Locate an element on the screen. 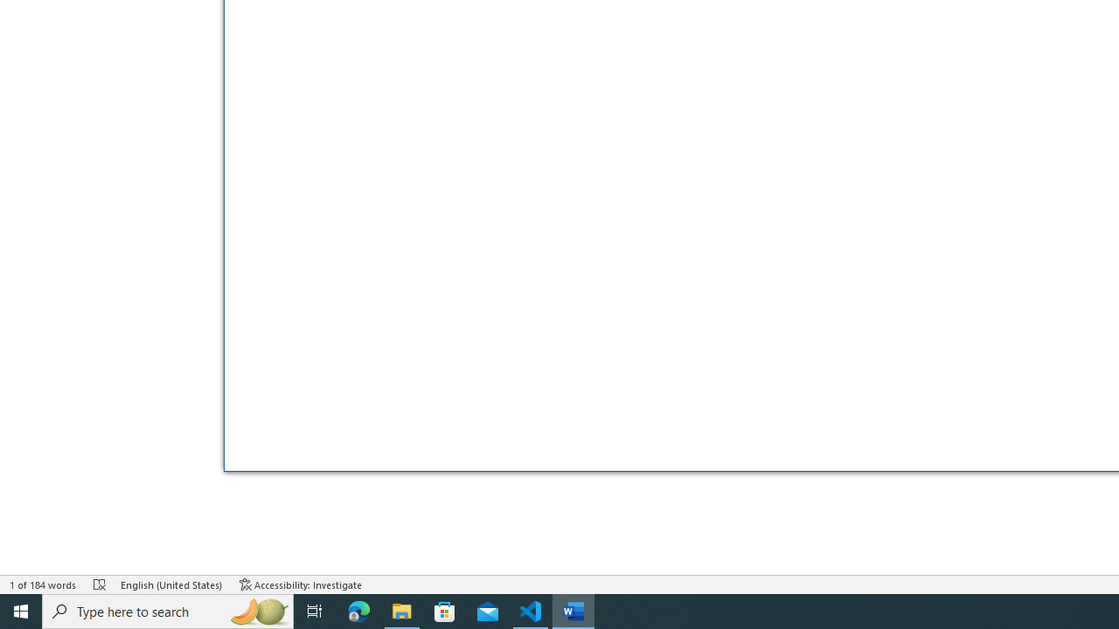  'Type here to search' is located at coordinates (168, 610).